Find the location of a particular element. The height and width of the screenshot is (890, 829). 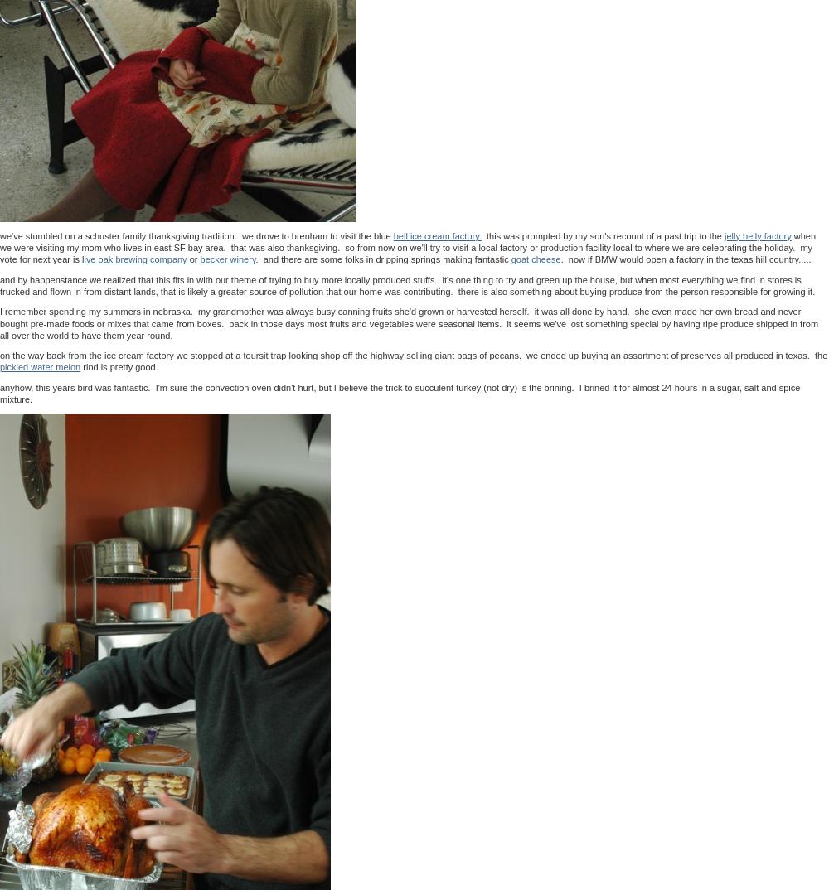

'when we were visiting my mom who lives in east SF bay area.  that was also thanksgiving.  so from now on we'll try to visit a local factory or production facility local to where we are celebrating the holiday.  my vote for next year is l' is located at coordinates (407, 247).